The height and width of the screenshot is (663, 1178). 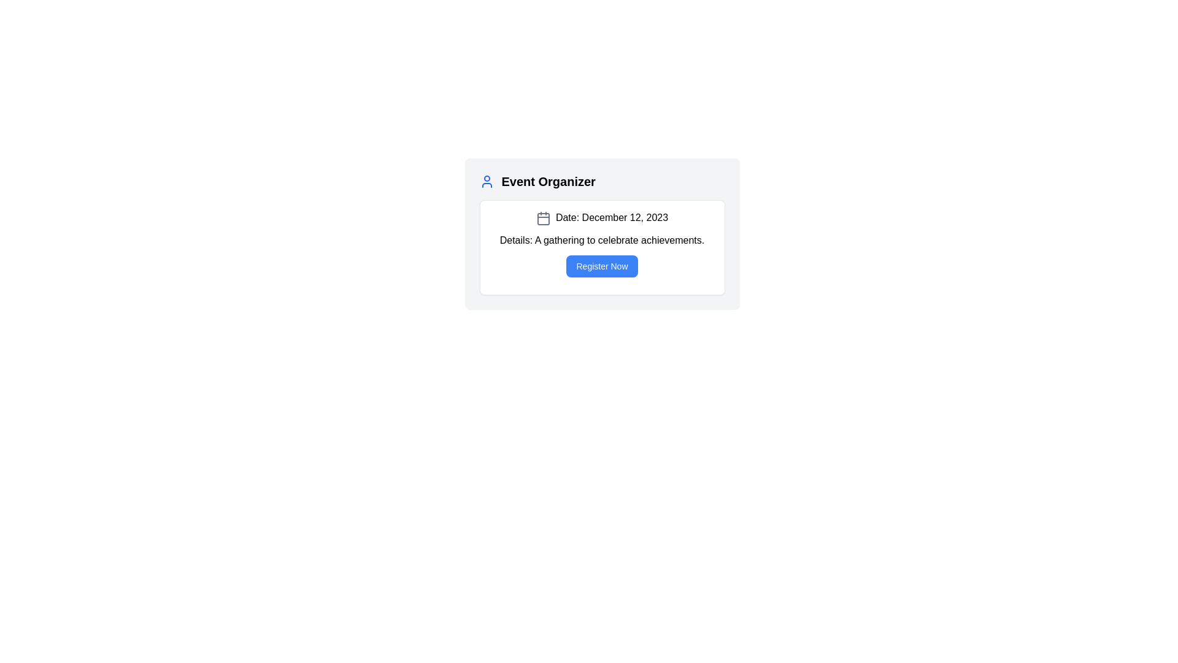 I want to click on the registration button located at the bottom of the event details card, so click(x=602, y=265).